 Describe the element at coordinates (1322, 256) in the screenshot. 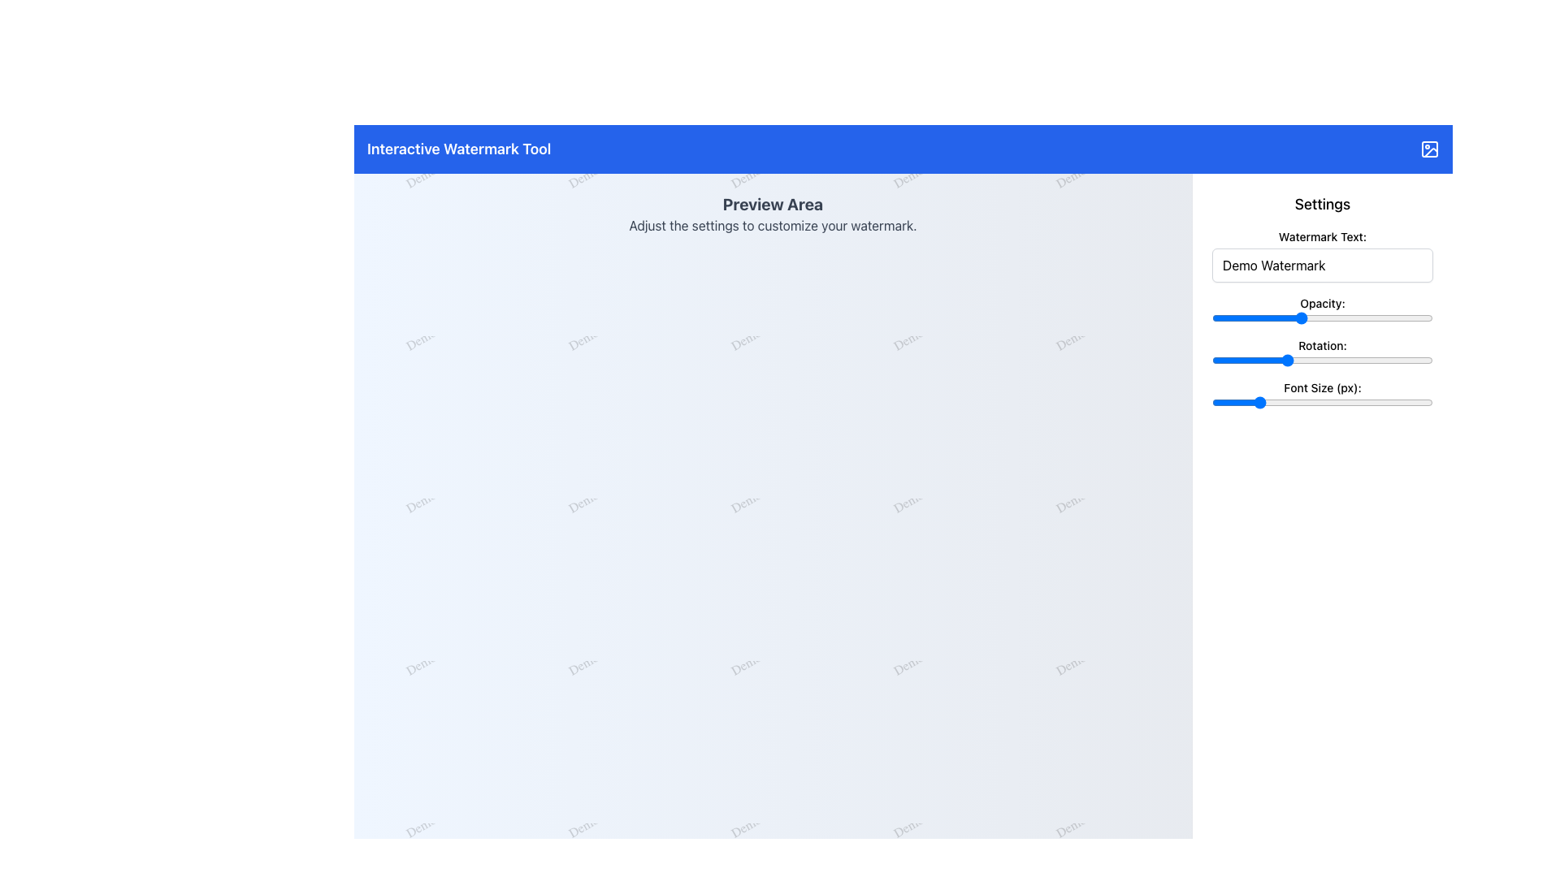

I see `the text input field labeled 'Watermark Text:' in the Settings panel to place the cursor for editing` at that location.